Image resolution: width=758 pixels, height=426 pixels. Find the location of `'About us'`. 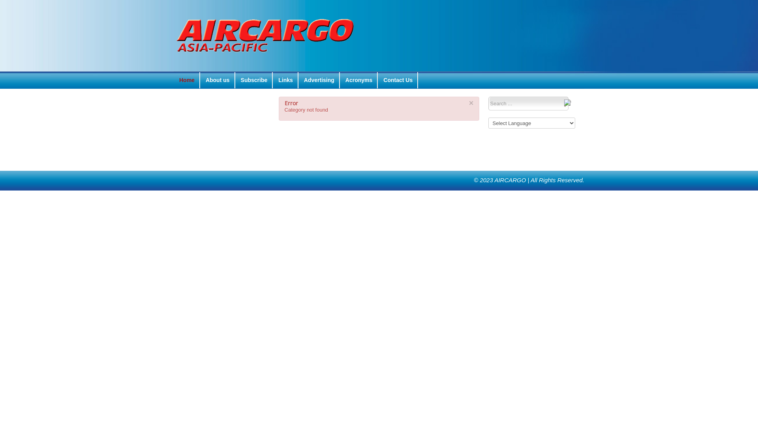

'About us' is located at coordinates (200, 80).